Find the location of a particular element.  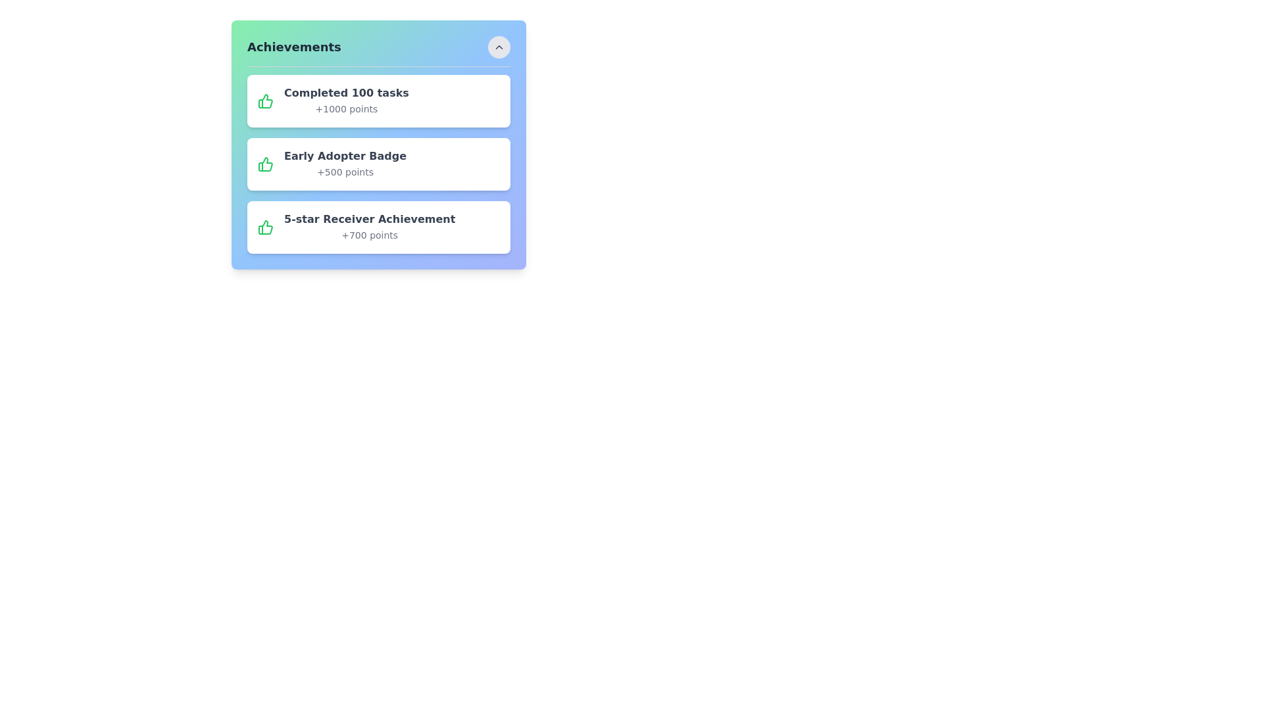

the associated information for the 'Early Adopter Badge' achievement item, which features a green thumbs-up icon and the text '+500 points' below the bold 'Early Adopter Badge' title is located at coordinates (378, 164).